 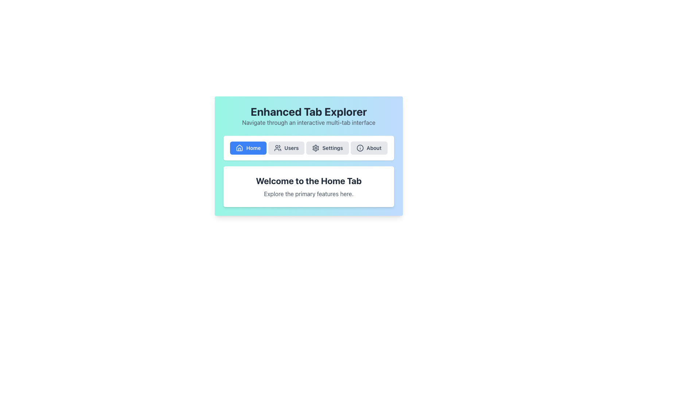 What do you see at coordinates (360, 148) in the screenshot?
I see `the circular element with a noticeable border in the 'About' tab, which is part of an SVG graphic icon positioned on the rightmost side of the tab navigation bar` at bounding box center [360, 148].